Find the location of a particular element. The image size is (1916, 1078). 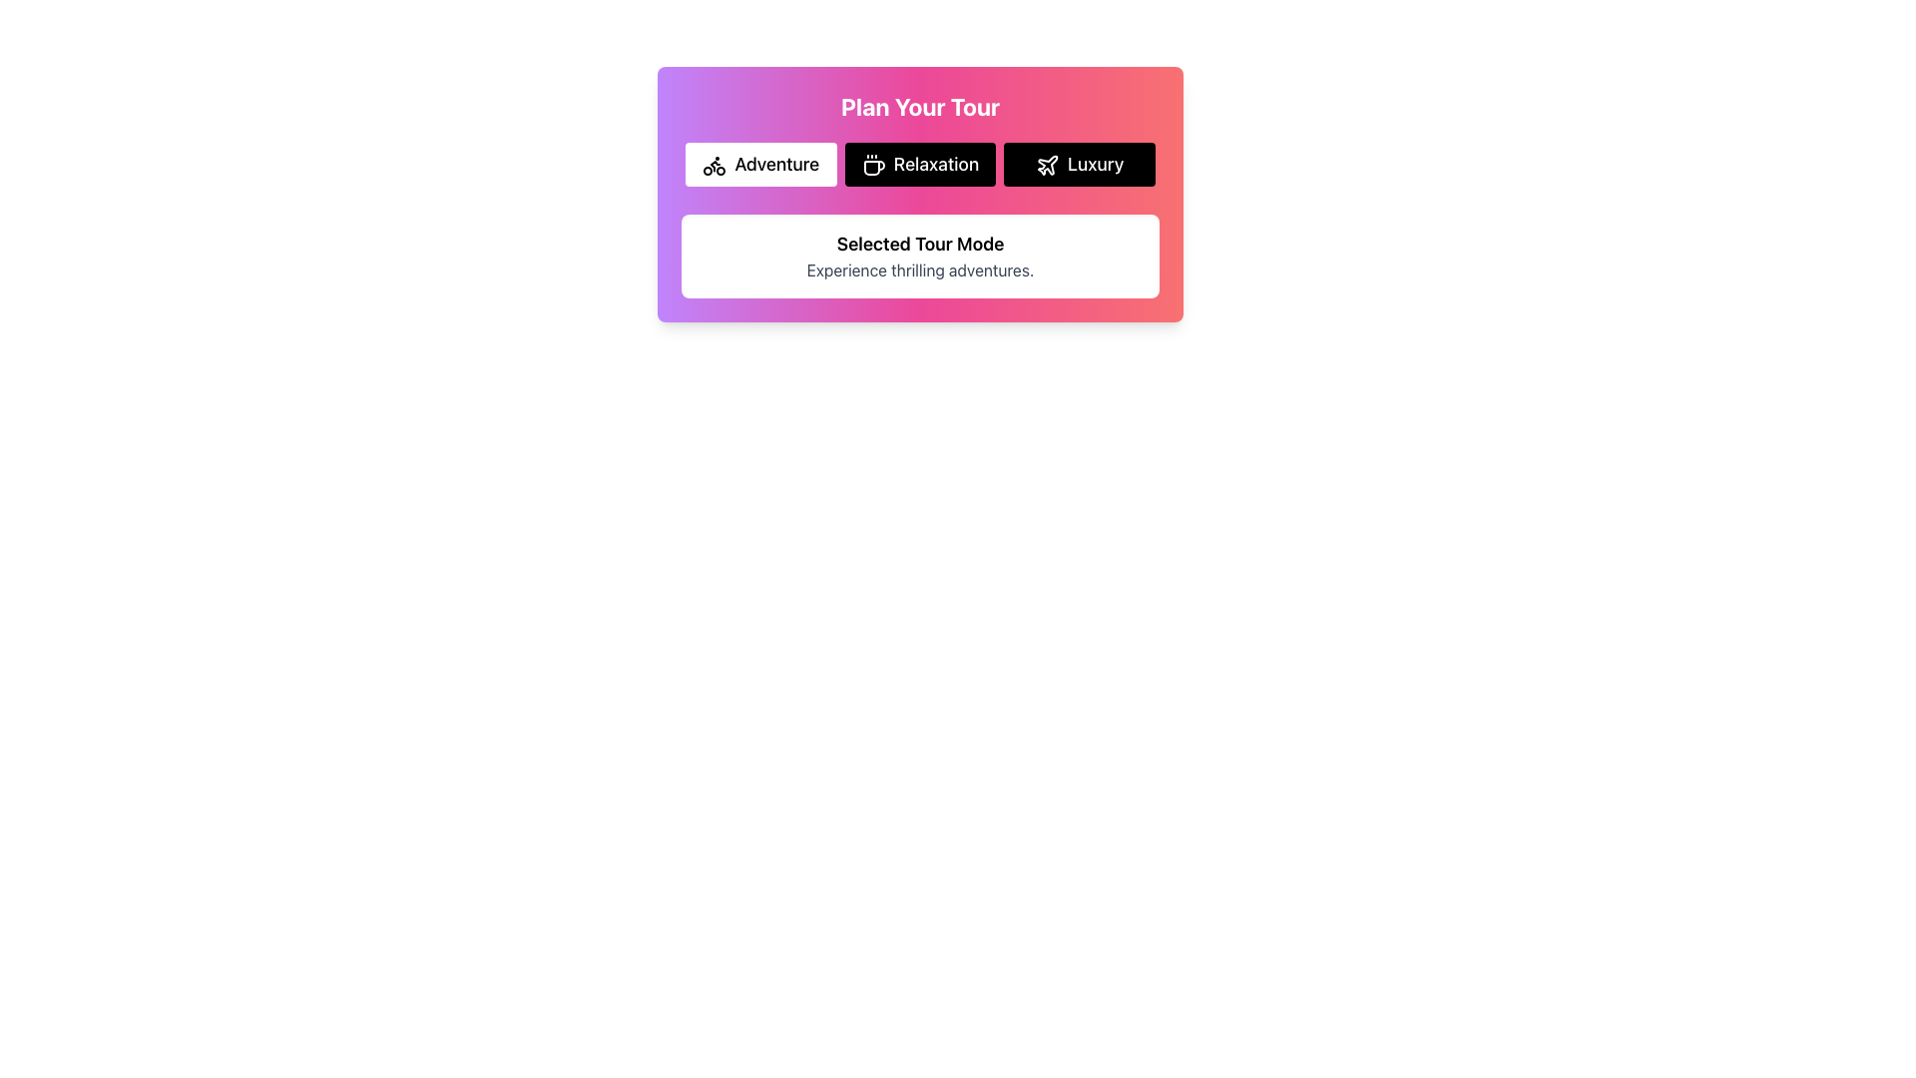

the 'Relaxation' button which contains the coffee cup icon styled in black with a stroke design is located at coordinates (873, 165).